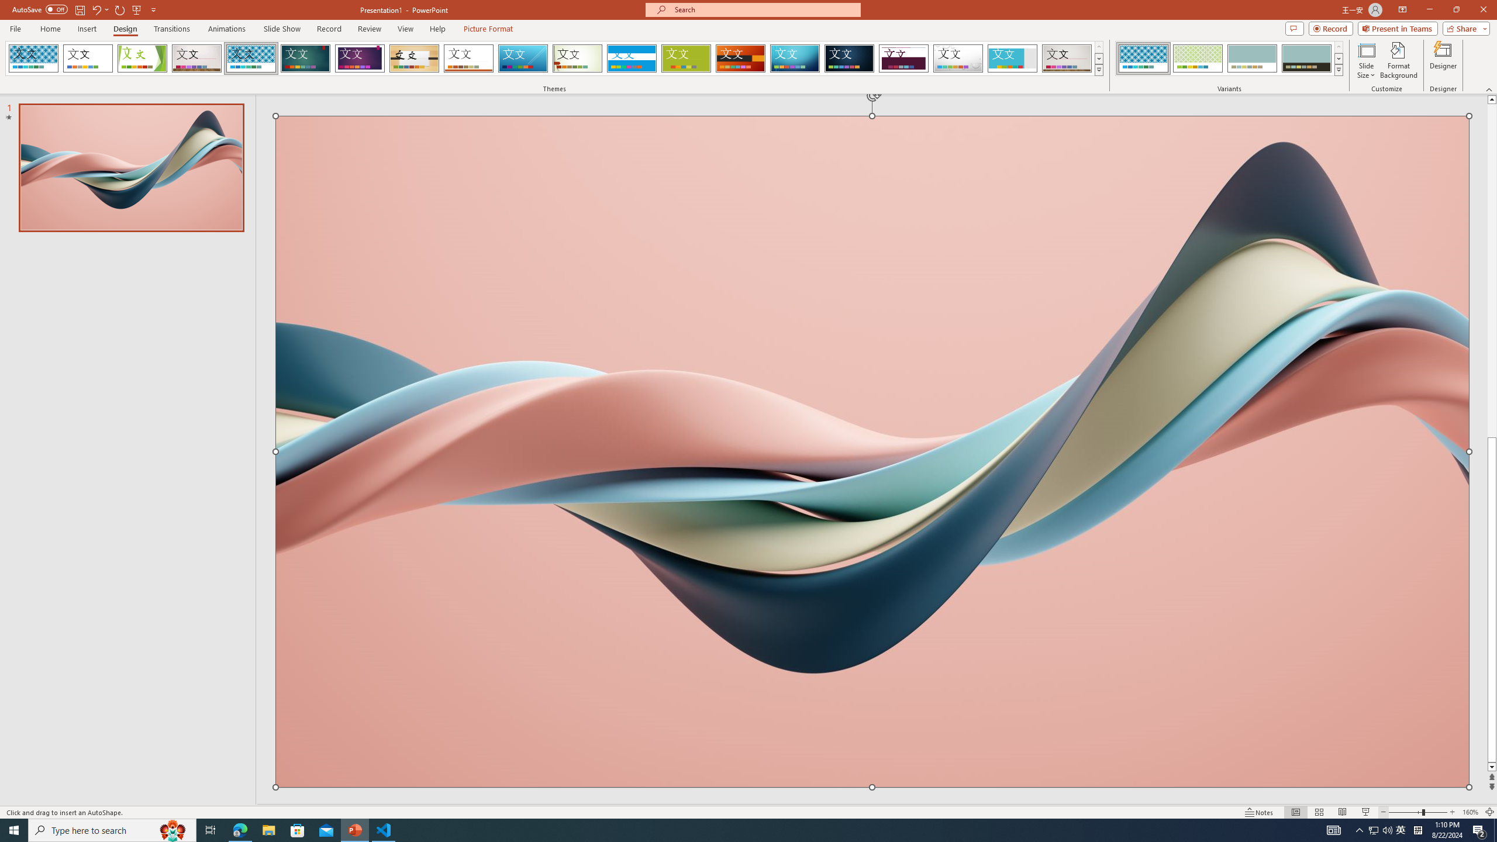 This screenshot has height=842, width=1497. Describe the element at coordinates (1492, 98) in the screenshot. I see `'Line up'` at that location.